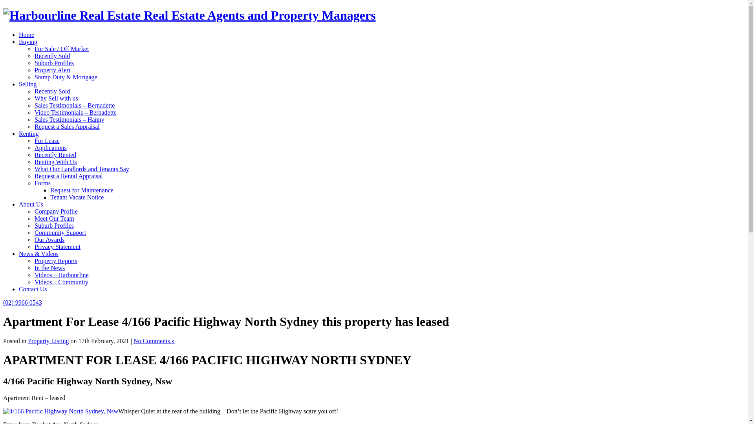  I want to click on 'Request a Rental Appraisal', so click(68, 175).